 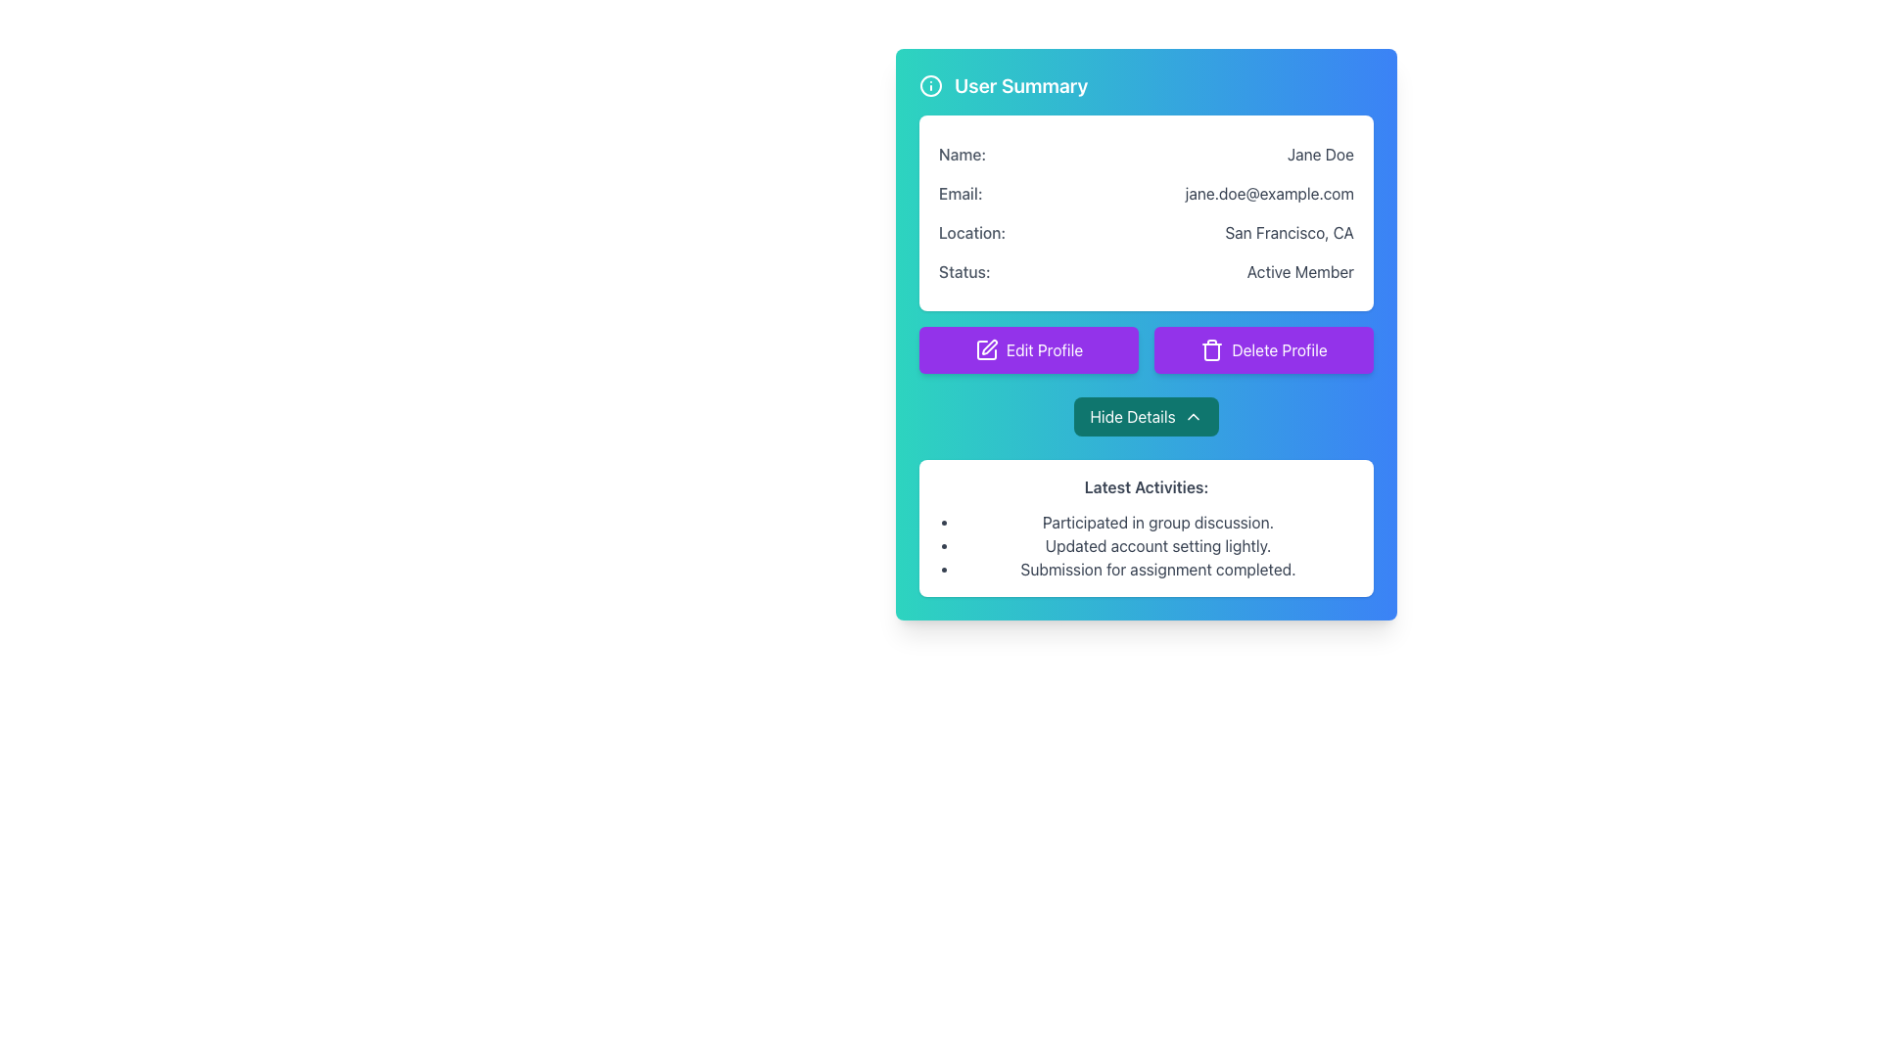 I want to click on the Text label located in the top left corner of the 'User Summary' card, which provides context for the adjacent user name field, so click(x=963, y=154).